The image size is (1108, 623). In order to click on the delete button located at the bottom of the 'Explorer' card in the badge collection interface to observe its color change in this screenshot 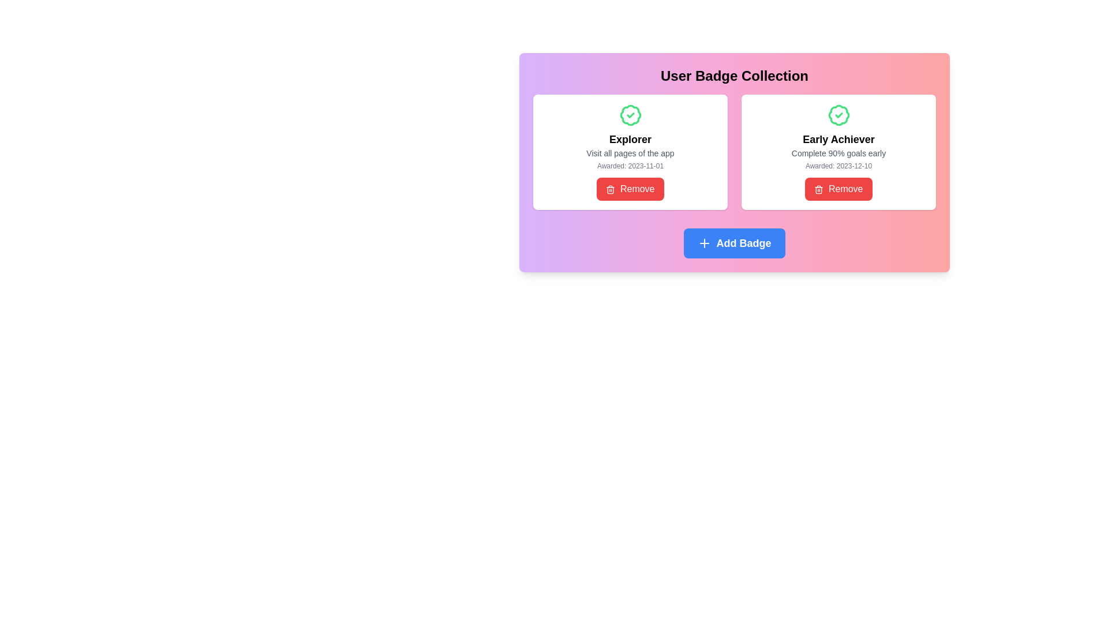, I will do `click(630, 188)`.